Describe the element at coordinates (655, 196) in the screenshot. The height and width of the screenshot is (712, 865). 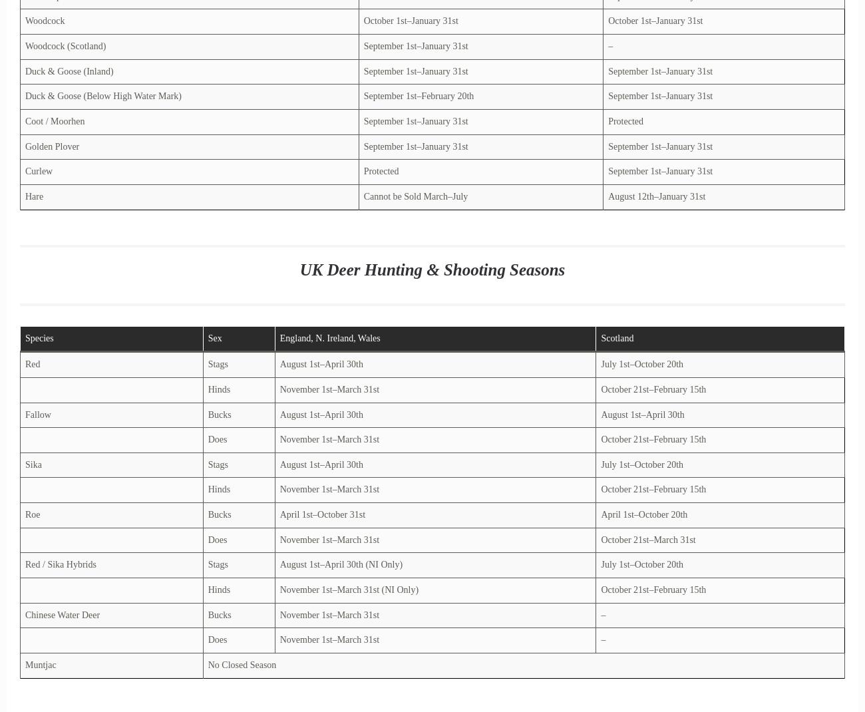
I see `'August 12th–January 31st'` at that location.